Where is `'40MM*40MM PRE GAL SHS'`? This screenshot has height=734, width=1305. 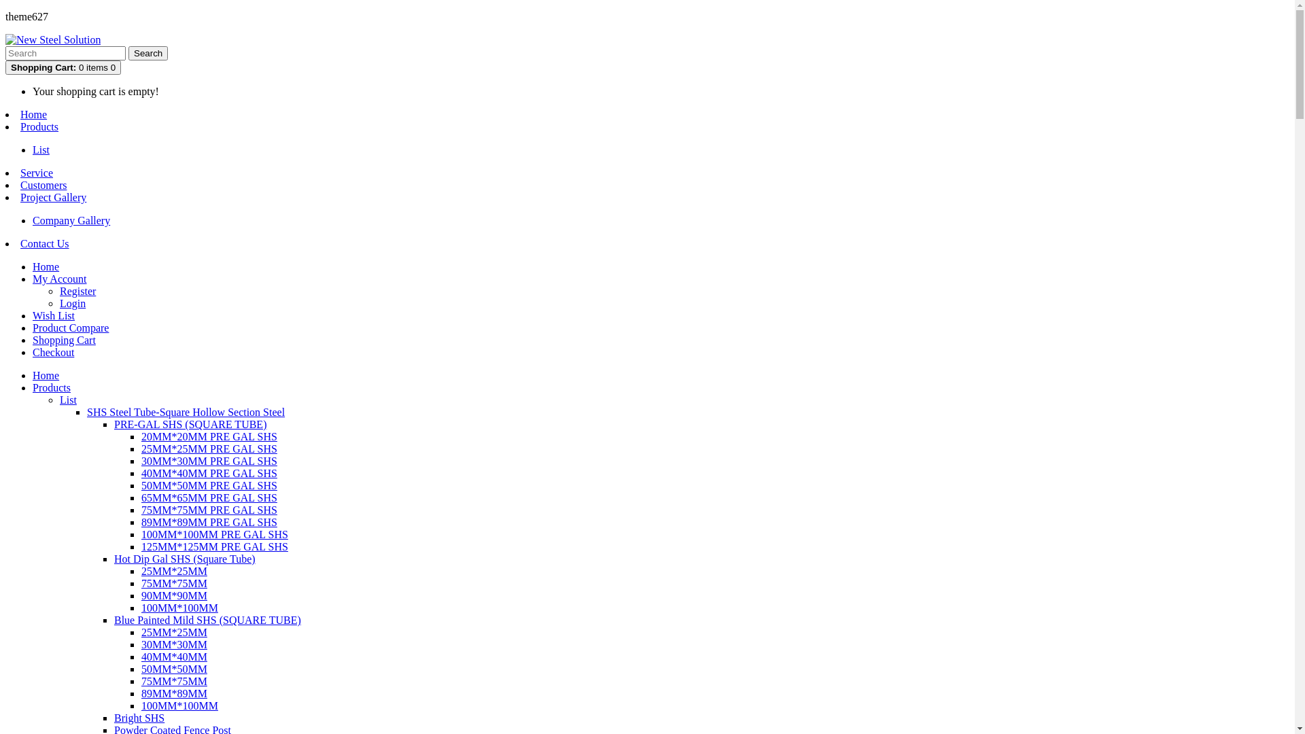
'40MM*40MM PRE GAL SHS' is located at coordinates (141, 472).